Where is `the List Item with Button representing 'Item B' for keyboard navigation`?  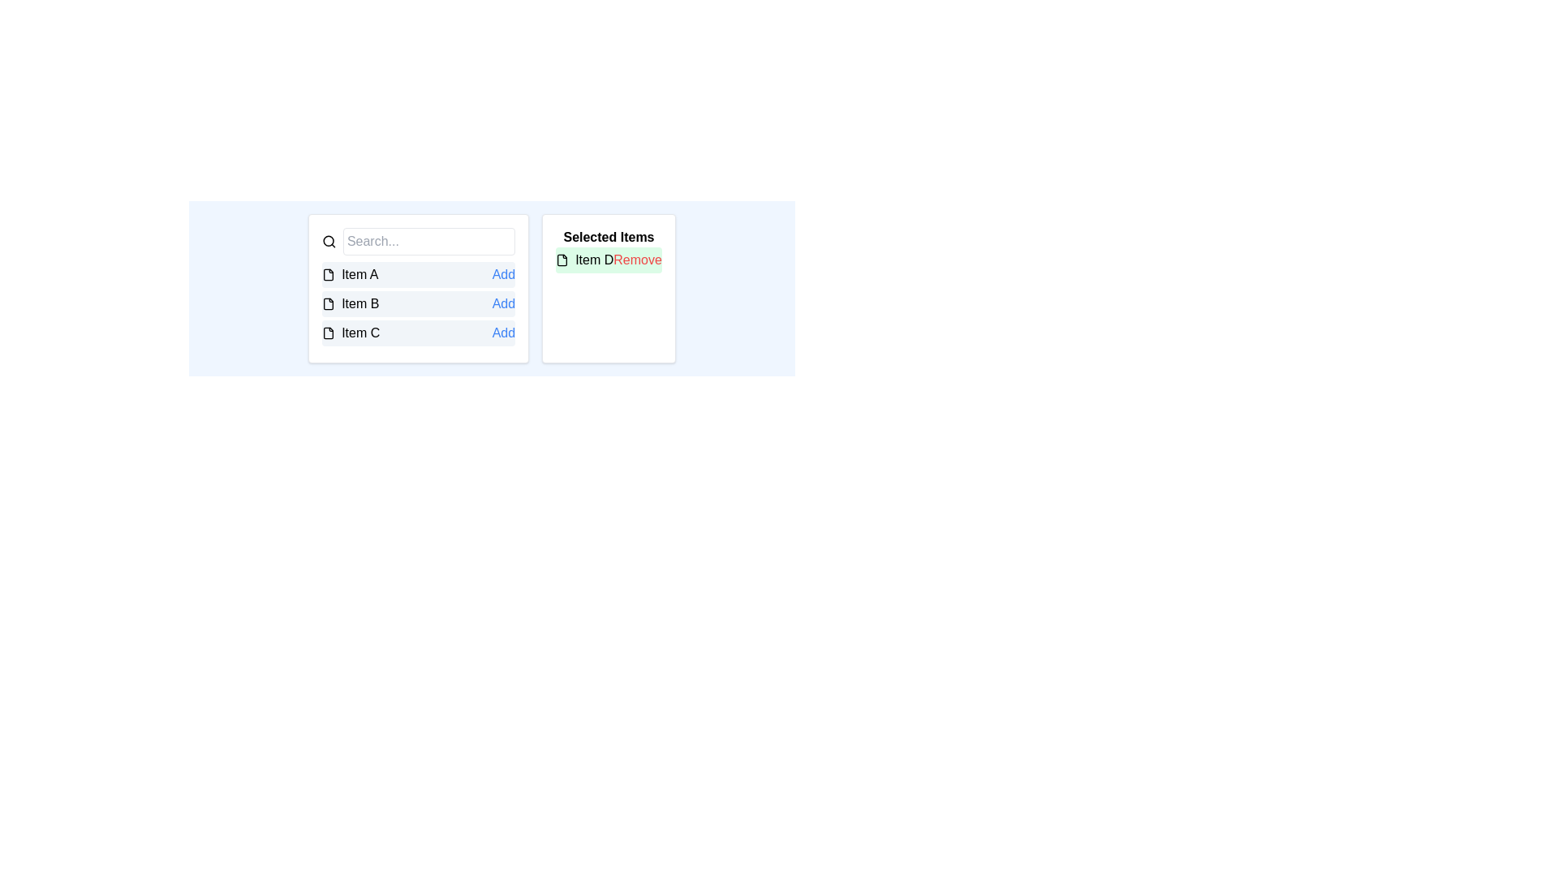 the List Item with Button representing 'Item B' for keyboard navigation is located at coordinates (419, 303).